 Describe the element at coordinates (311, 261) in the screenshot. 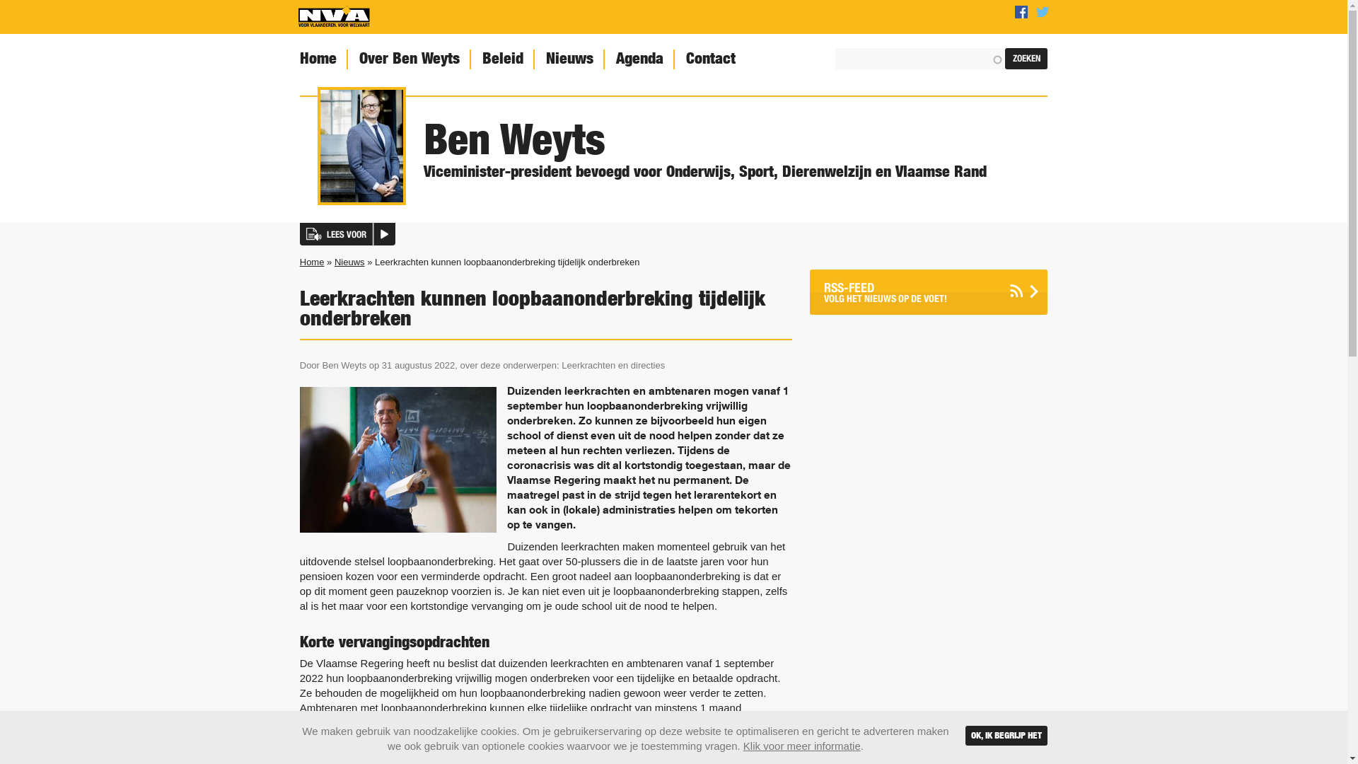

I see `'Home'` at that location.